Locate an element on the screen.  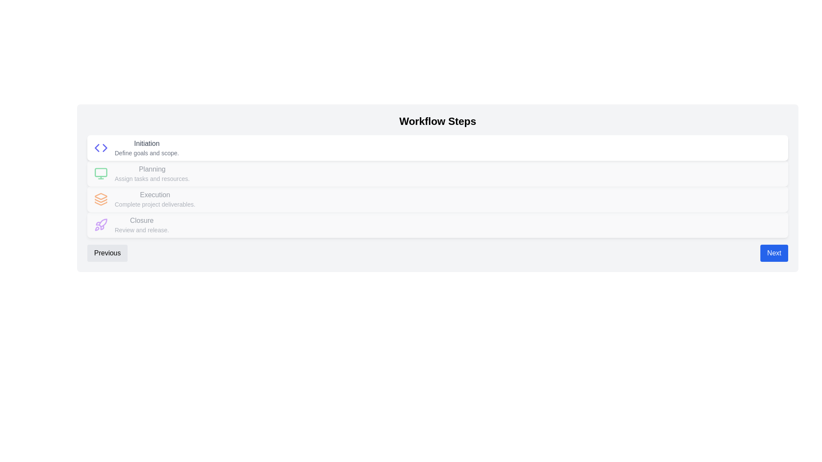
the 'Execution' text label which is part of the 'Workflow Steps' list, indicating the completion of project deliverables is located at coordinates (155, 199).